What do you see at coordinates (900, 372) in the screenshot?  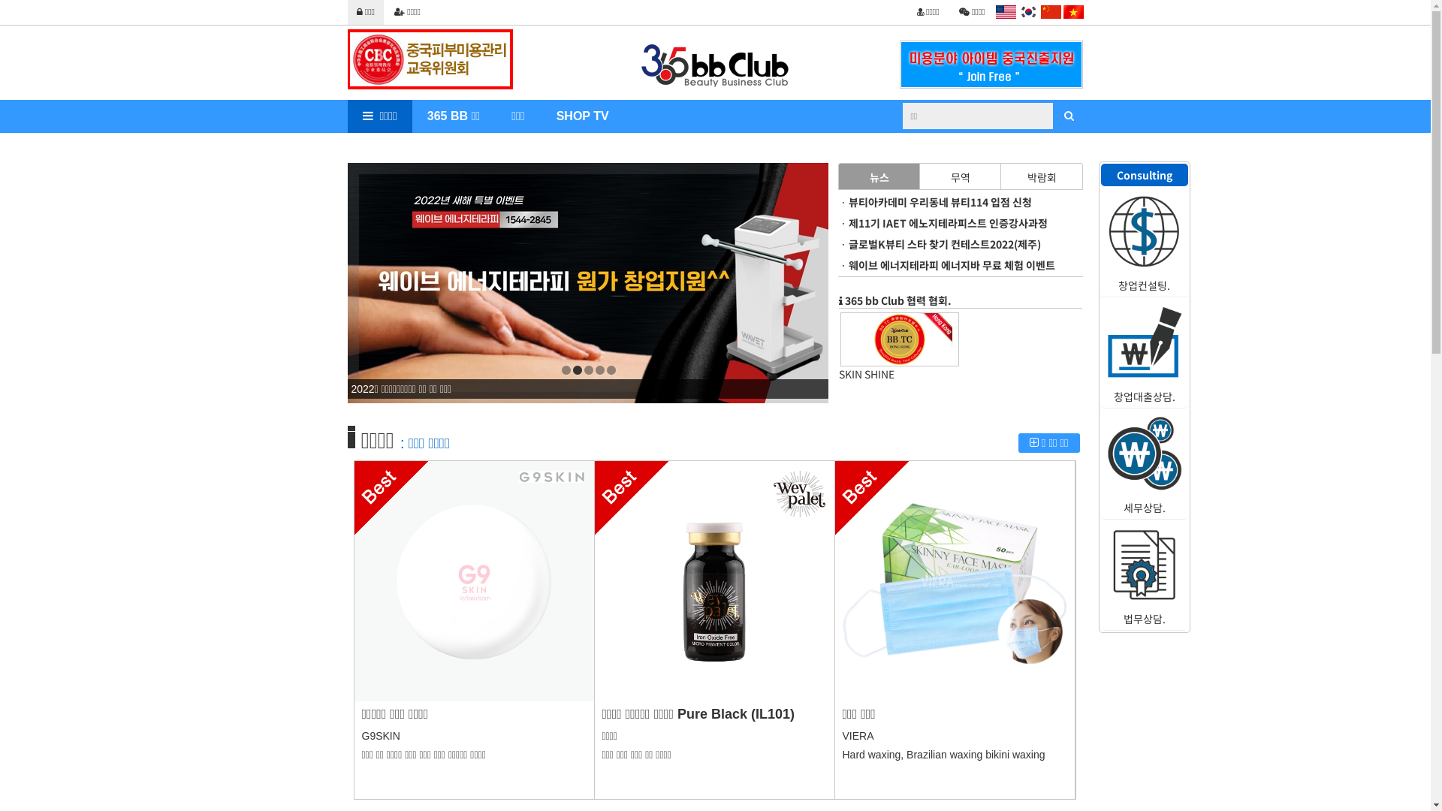 I see `'SKIN SHINE'` at bounding box center [900, 372].